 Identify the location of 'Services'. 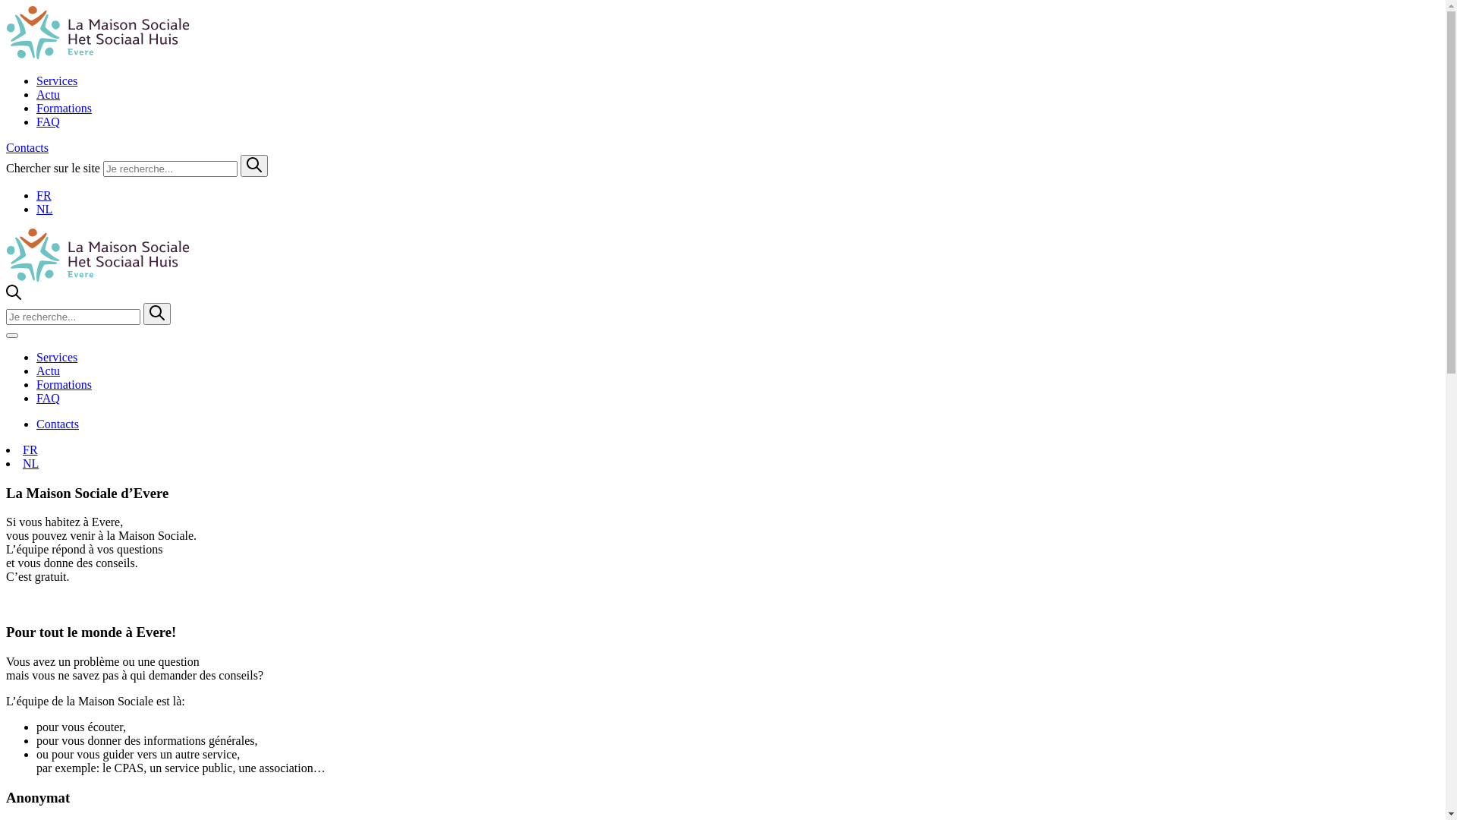
(57, 80).